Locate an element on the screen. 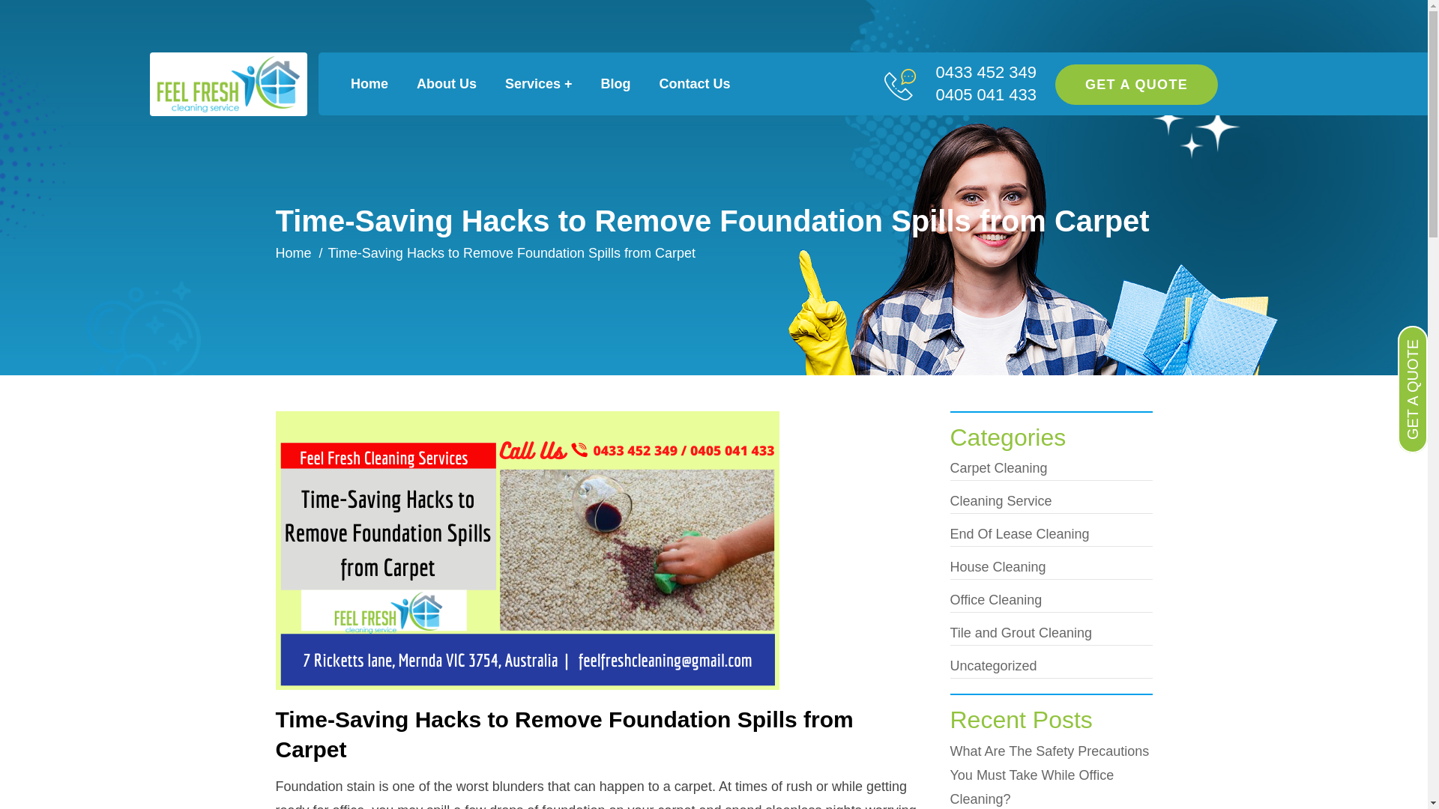  'Cleaning Service' is located at coordinates (1050, 501).